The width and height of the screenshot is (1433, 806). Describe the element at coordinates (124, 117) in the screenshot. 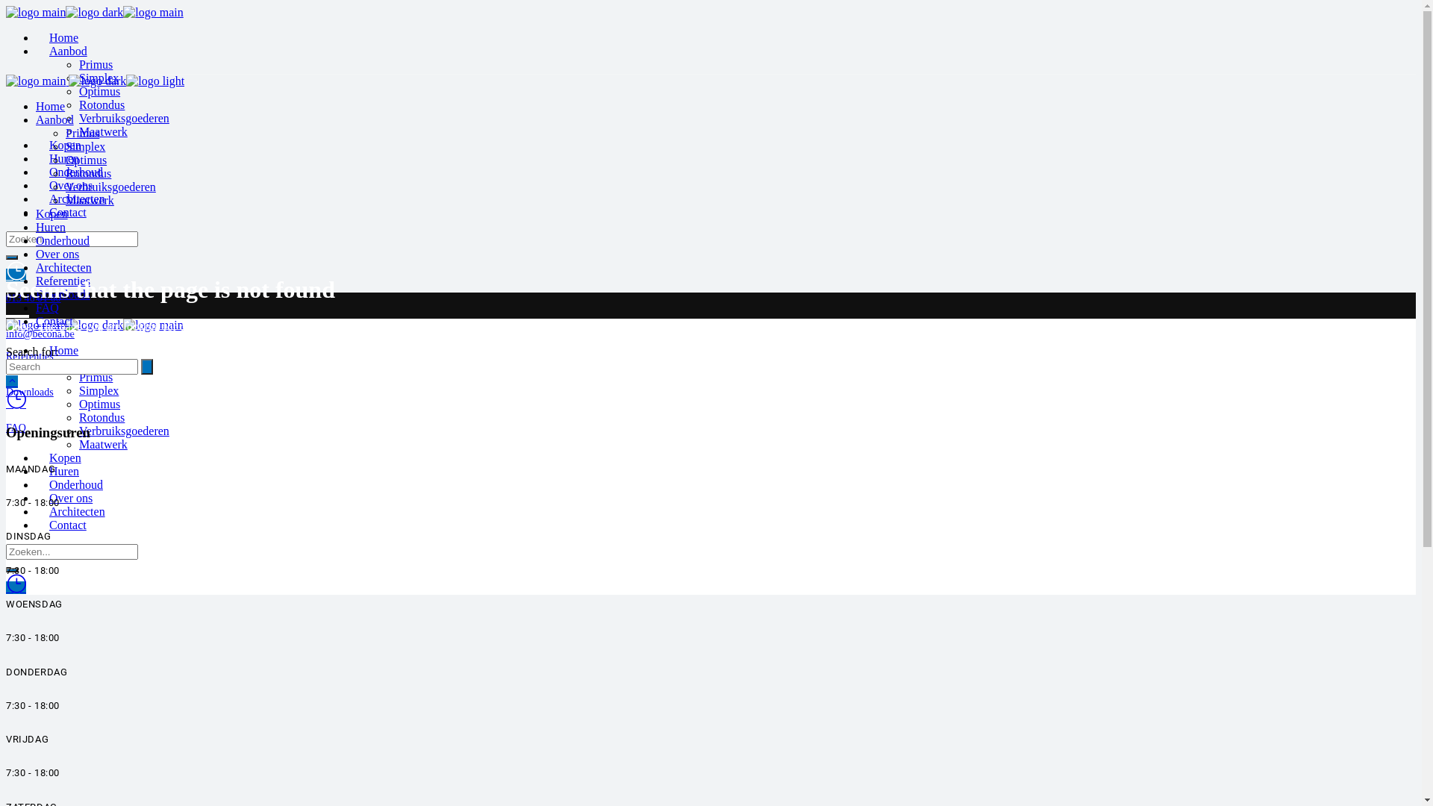

I see `'Verbruiksgoederen'` at that location.